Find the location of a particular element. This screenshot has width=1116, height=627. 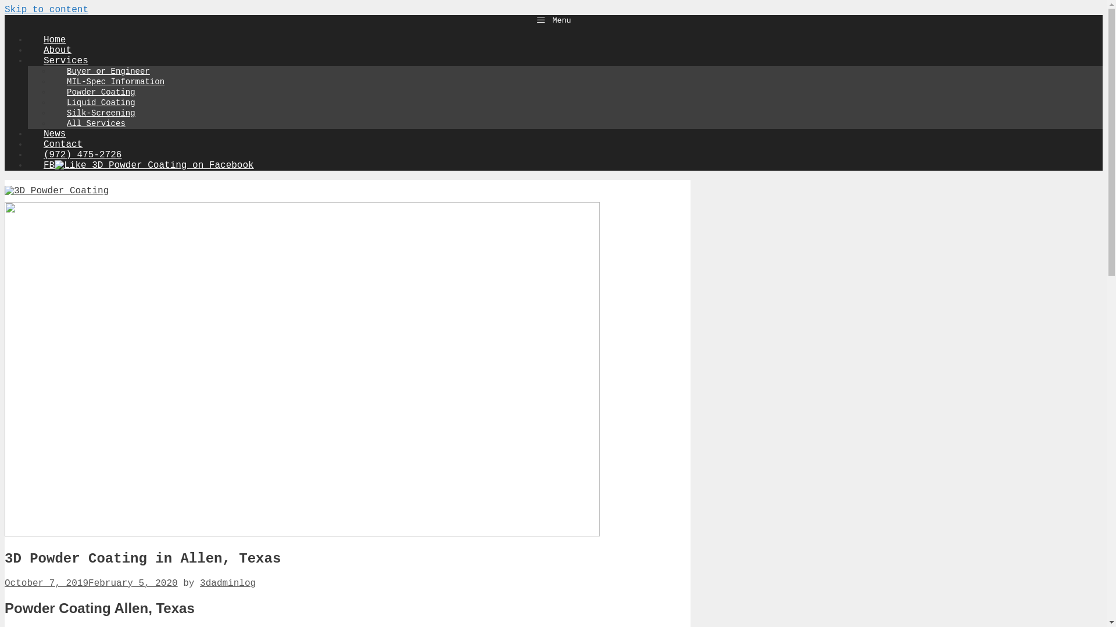

'October 7, 2019February 5, 2020' is located at coordinates (91, 583).